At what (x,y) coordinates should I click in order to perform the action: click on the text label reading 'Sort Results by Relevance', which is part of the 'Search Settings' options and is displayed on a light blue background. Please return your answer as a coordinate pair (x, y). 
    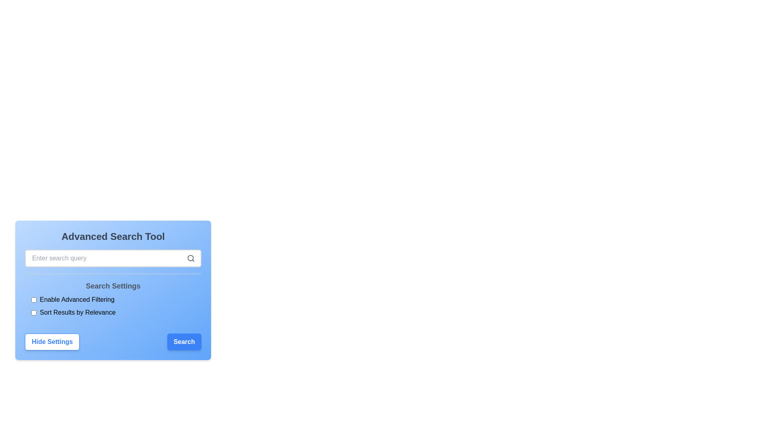
    Looking at the image, I should click on (78, 312).